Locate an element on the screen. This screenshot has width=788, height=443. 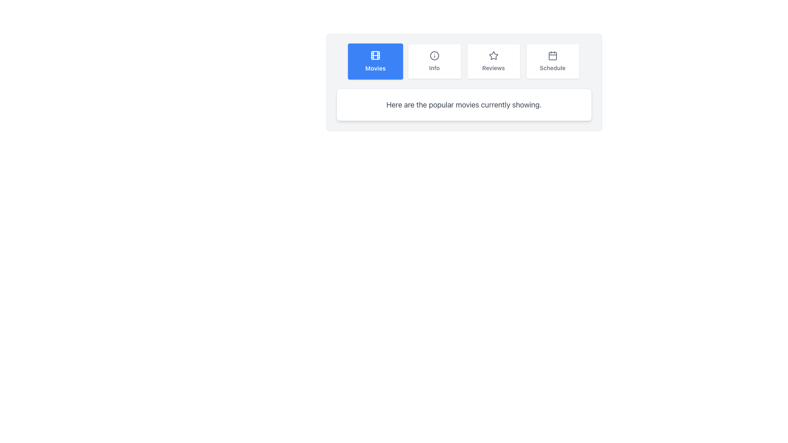
the Text Label that serves as a descriptive label for the section or action represented by the icon above it, which is centrally placed in relation to the icon and located in the second option of a horizontally aligned list of buttons is located at coordinates (434, 67).